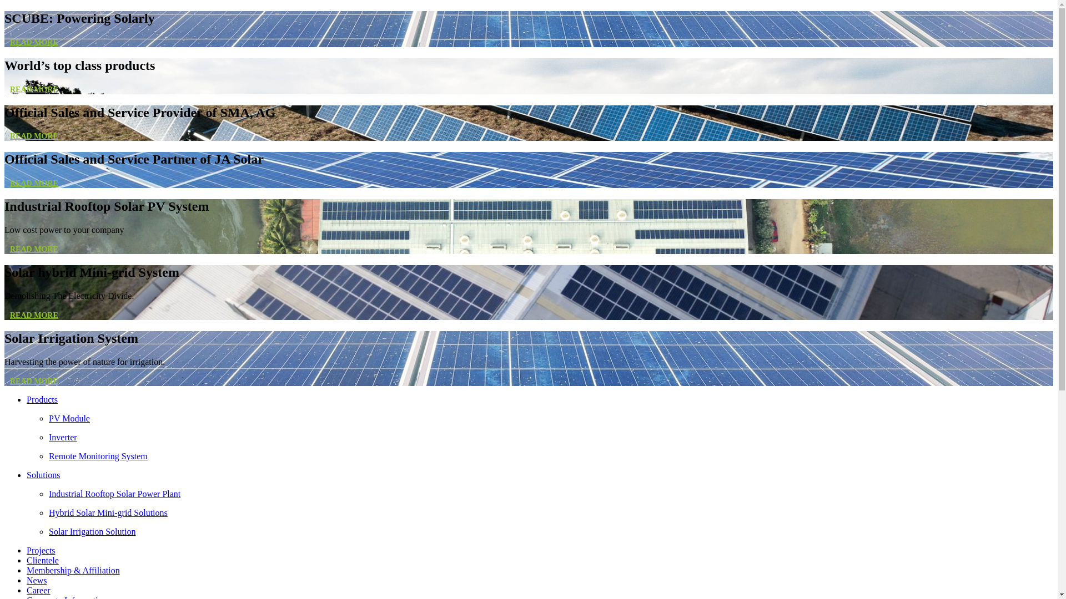 The width and height of the screenshot is (1066, 599). I want to click on 'Projects', so click(41, 550).